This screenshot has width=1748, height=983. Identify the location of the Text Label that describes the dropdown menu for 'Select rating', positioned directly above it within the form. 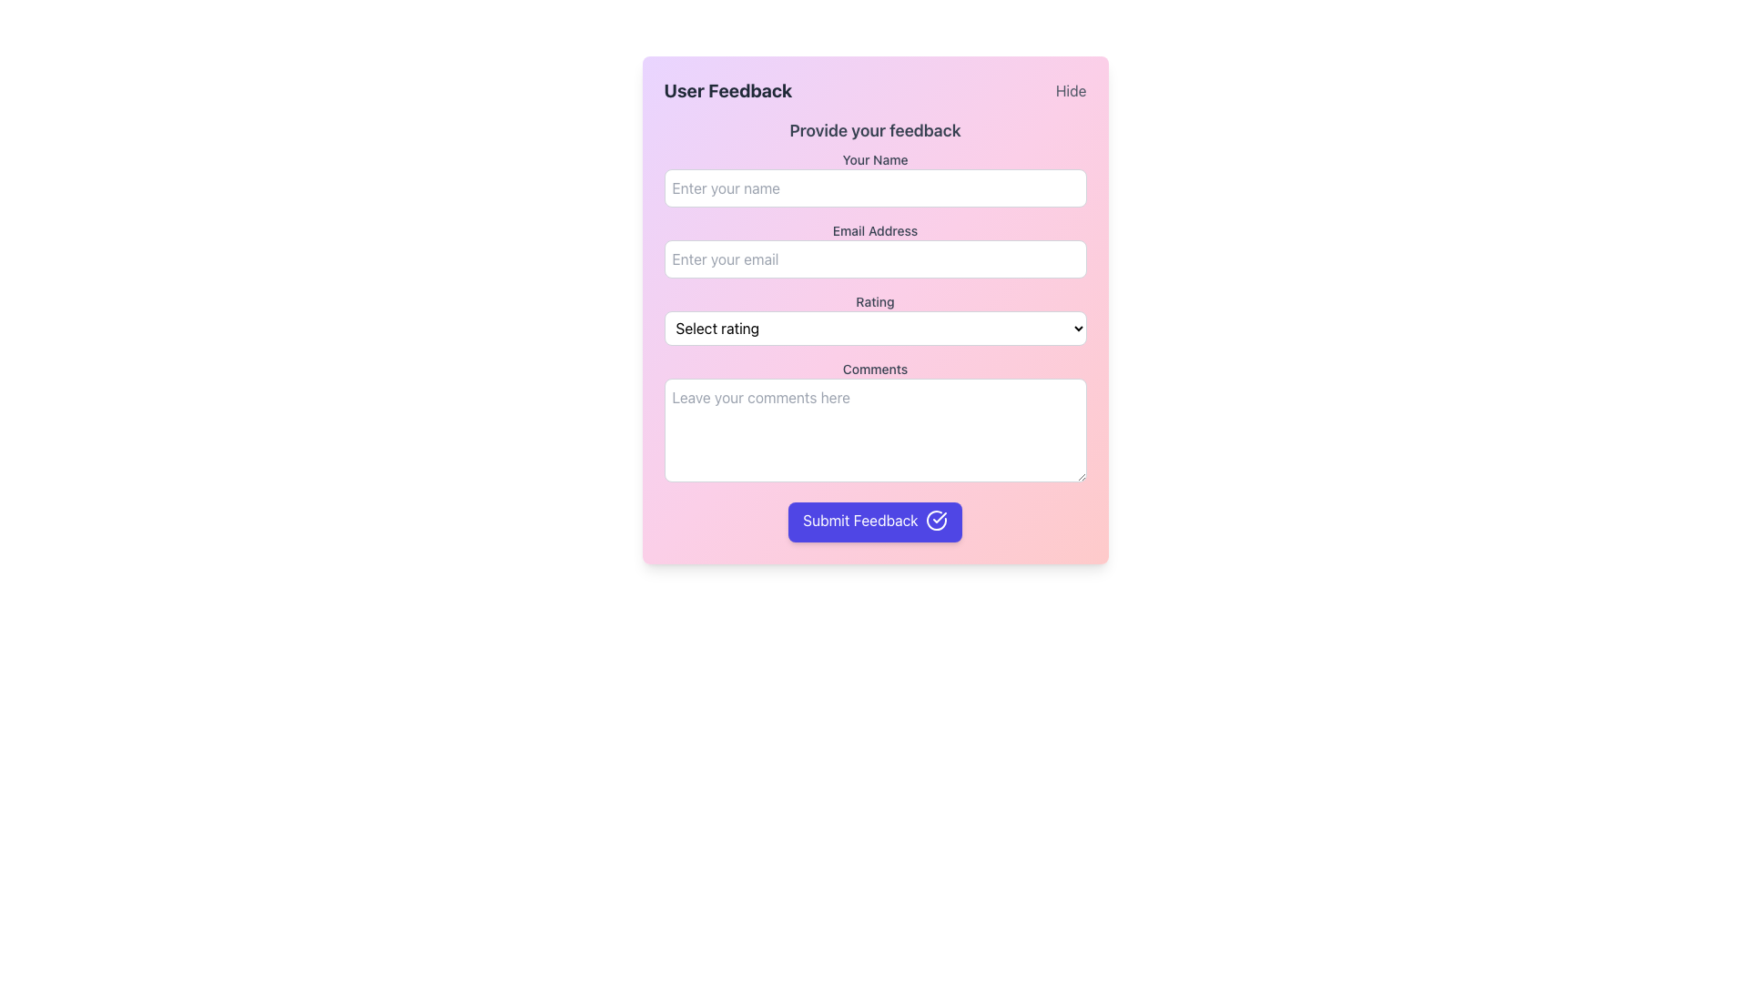
(875, 300).